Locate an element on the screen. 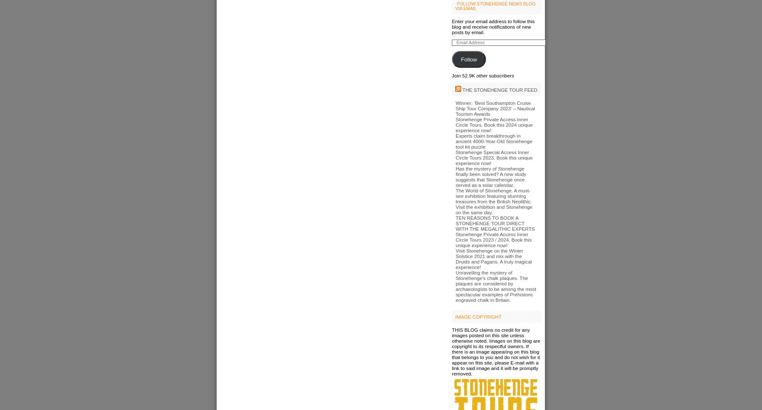  'Stonehenge Special Access Inner Circle Tours 2023. Book this unique experience now!' is located at coordinates (494, 157).